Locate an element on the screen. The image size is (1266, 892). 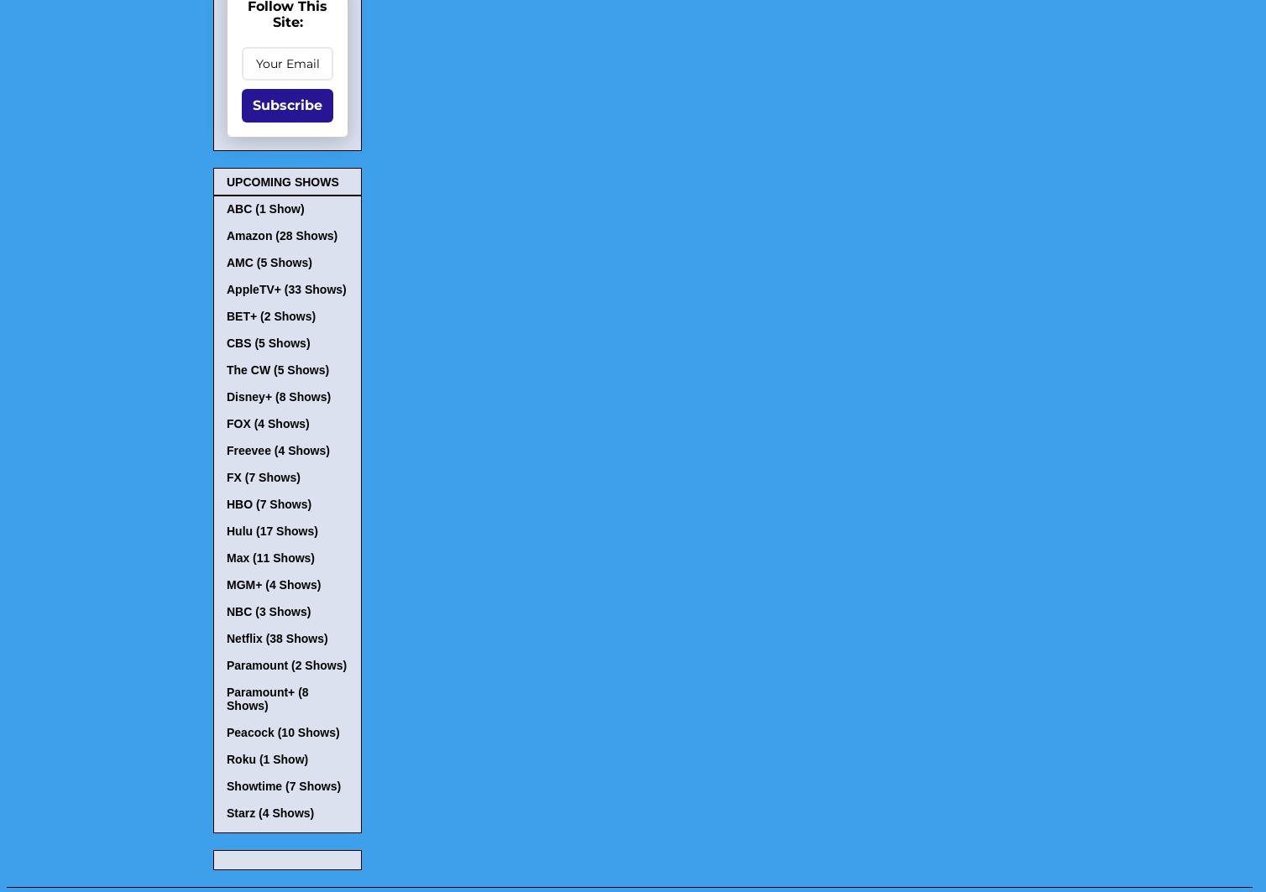
'Max (11 Shows)' is located at coordinates (225, 557).